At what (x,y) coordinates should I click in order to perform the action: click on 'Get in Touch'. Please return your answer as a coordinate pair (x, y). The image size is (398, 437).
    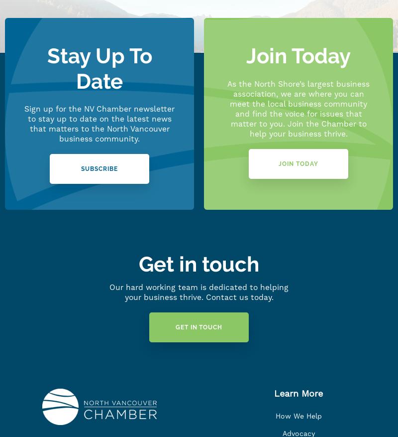
    Looking at the image, I should click on (198, 326).